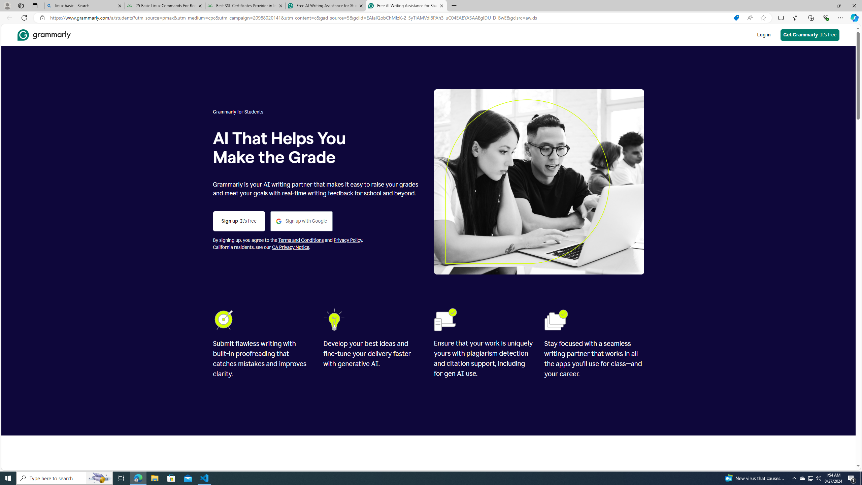 This screenshot has height=485, width=862. What do you see at coordinates (44, 35) in the screenshot?
I see `'Grammarly Home'` at bounding box center [44, 35].